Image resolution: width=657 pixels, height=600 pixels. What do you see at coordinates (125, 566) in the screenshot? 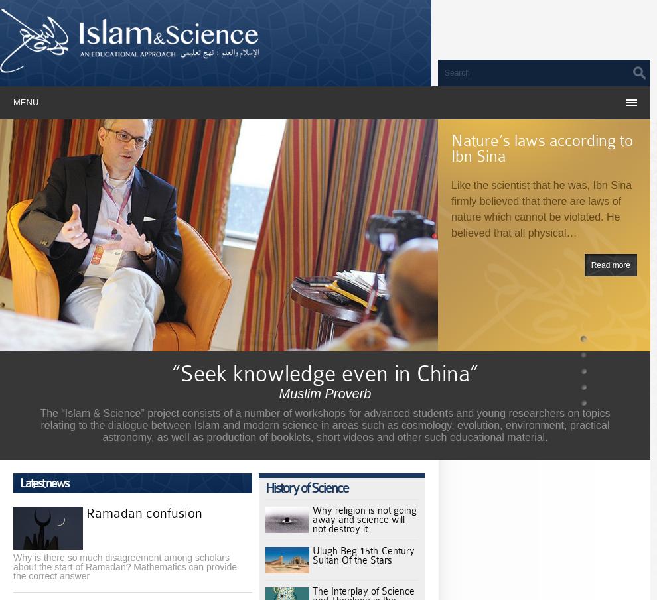
I see `'Why is there so much disagreement among scholars about the start of Ramadan? Mathematics can provide the correct answer'` at bounding box center [125, 566].